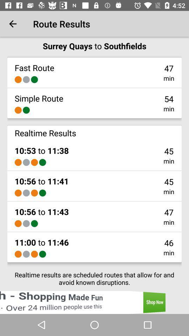 This screenshot has width=189, height=336. What do you see at coordinates (26, 254) in the screenshot?
I see `the icon above realtime results are` at bounding box center [26, 254].